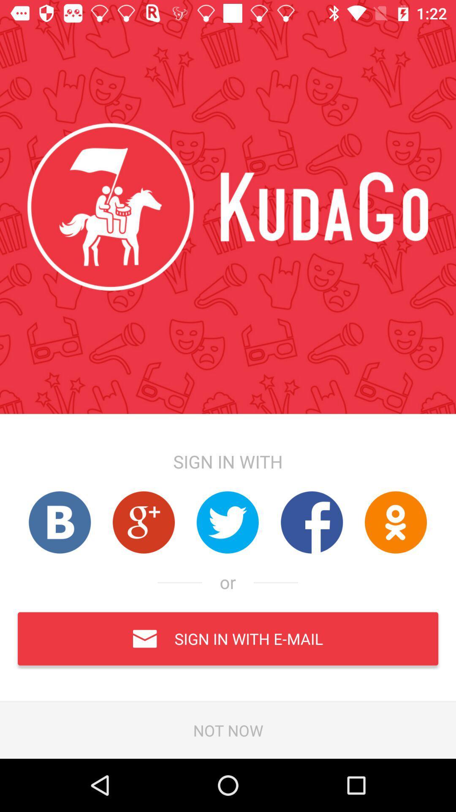 Image resolution: width=456 pixels, height=812 pixels. Describe the element at coordinates (59, 522) in the screenshot. I see `the app` at that location.